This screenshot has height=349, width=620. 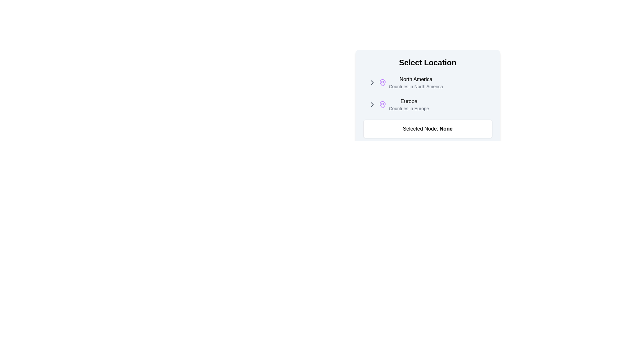 I want to click on the Static text header located at the top inside a box with rounded corners and a light gray background, which provides context to the user about the content below, so click(x=428, y=62).